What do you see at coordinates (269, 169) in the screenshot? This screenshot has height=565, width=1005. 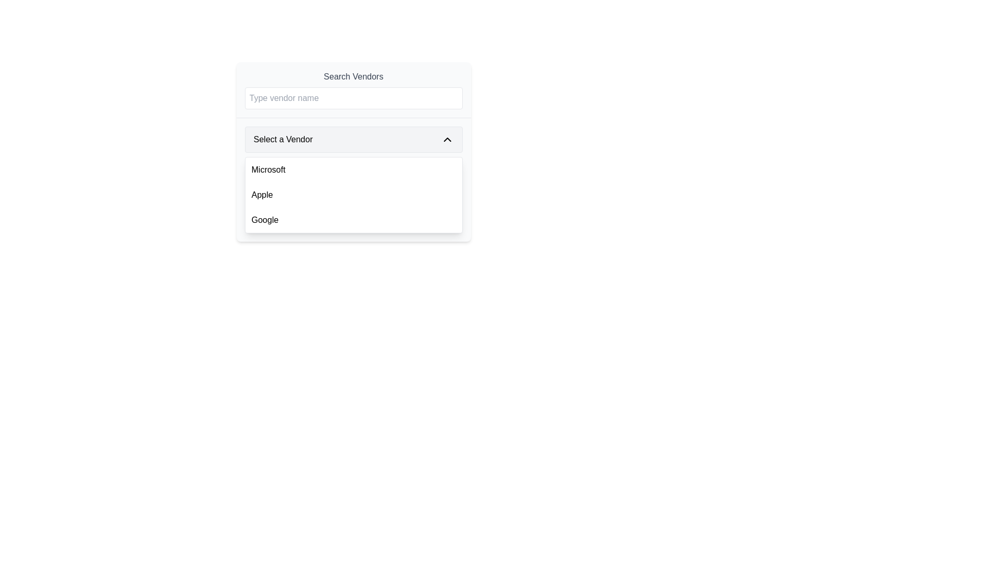 I see `the 'Microsoft' text label, which is the first selectable option in the dropdown menu of vendor choices, located at the top of the list above 'Apple' and 'Google'` at bounding box center [269, 169].